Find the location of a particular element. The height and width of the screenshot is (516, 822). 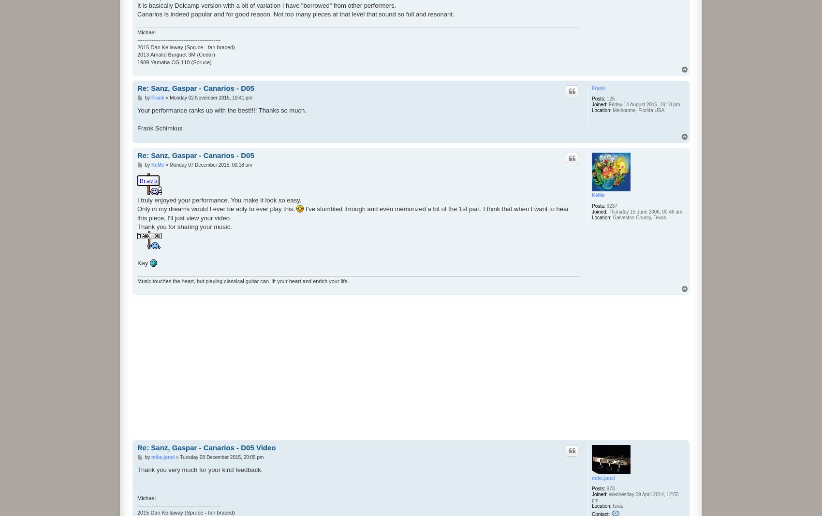

'Kay' is located at coordinates (143, 262).